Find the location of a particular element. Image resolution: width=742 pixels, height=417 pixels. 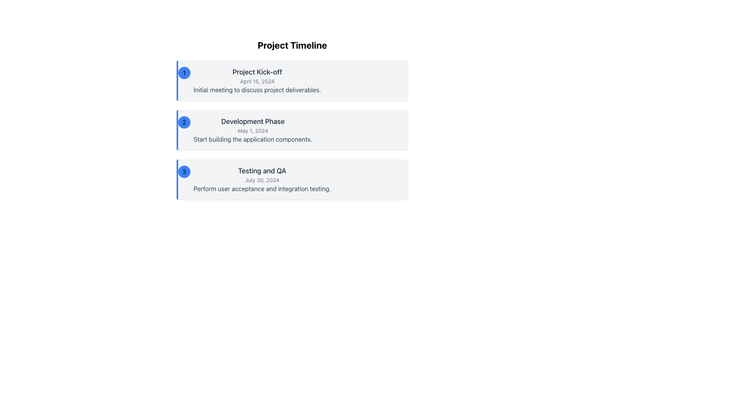

information provided in the Information Card at the top of the Project Timeline, which includes the event name, date, and a brief description is located at coordinates (292, 80).